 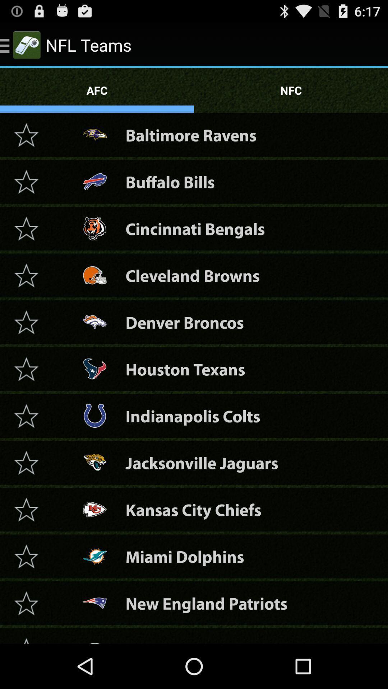 What do you see at coordinates (26, 322) in the screenshot?
I see `the option` at bounding box center [26, 322].